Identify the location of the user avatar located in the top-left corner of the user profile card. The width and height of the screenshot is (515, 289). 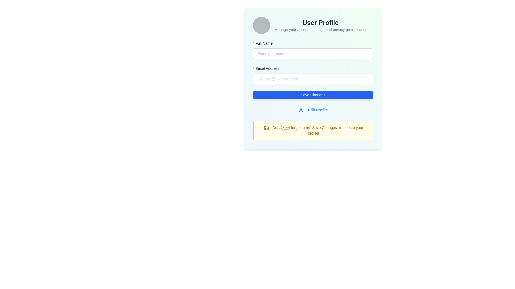
(261, 25).